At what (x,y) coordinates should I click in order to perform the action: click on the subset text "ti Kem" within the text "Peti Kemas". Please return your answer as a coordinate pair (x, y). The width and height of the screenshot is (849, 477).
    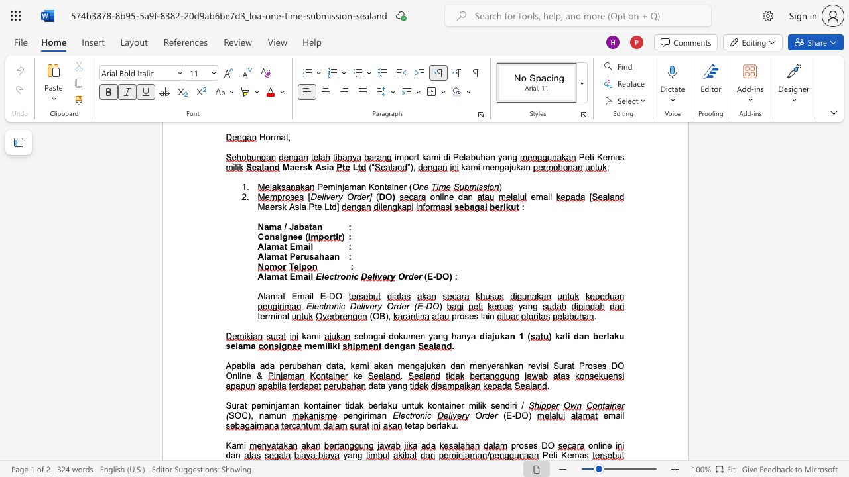
    Looking at the image, I should click on (553, 454).